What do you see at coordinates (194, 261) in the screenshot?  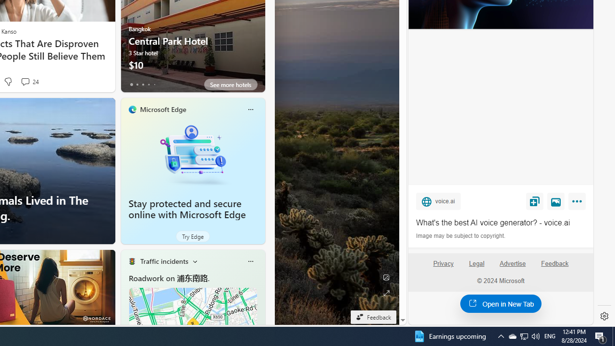 I see `'Change scenarios'` at bounding box center [194, 261].